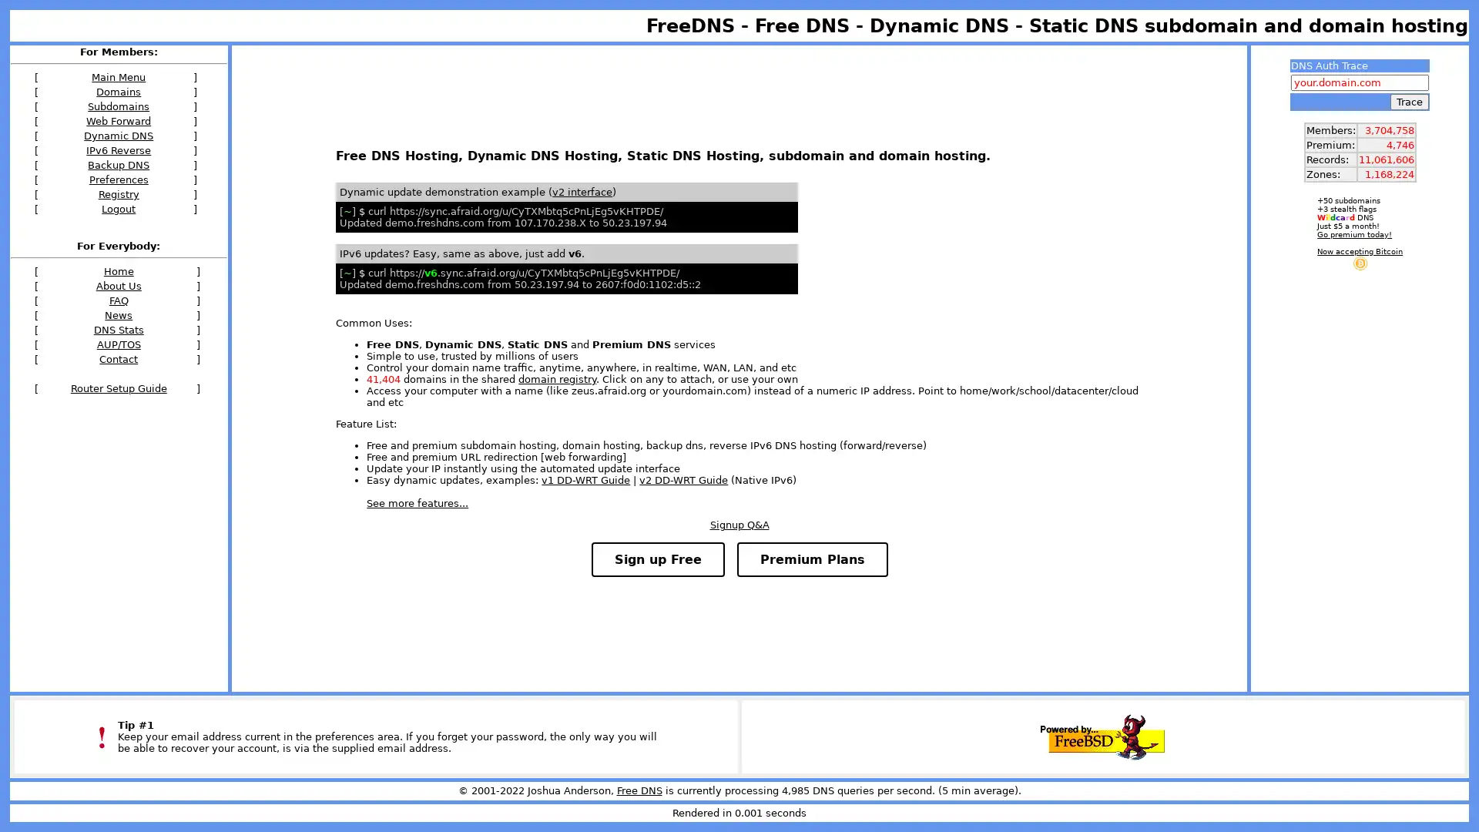 This screenshot has height=832, width=1479. I want to click on Sign up Free, so click(657, 559).